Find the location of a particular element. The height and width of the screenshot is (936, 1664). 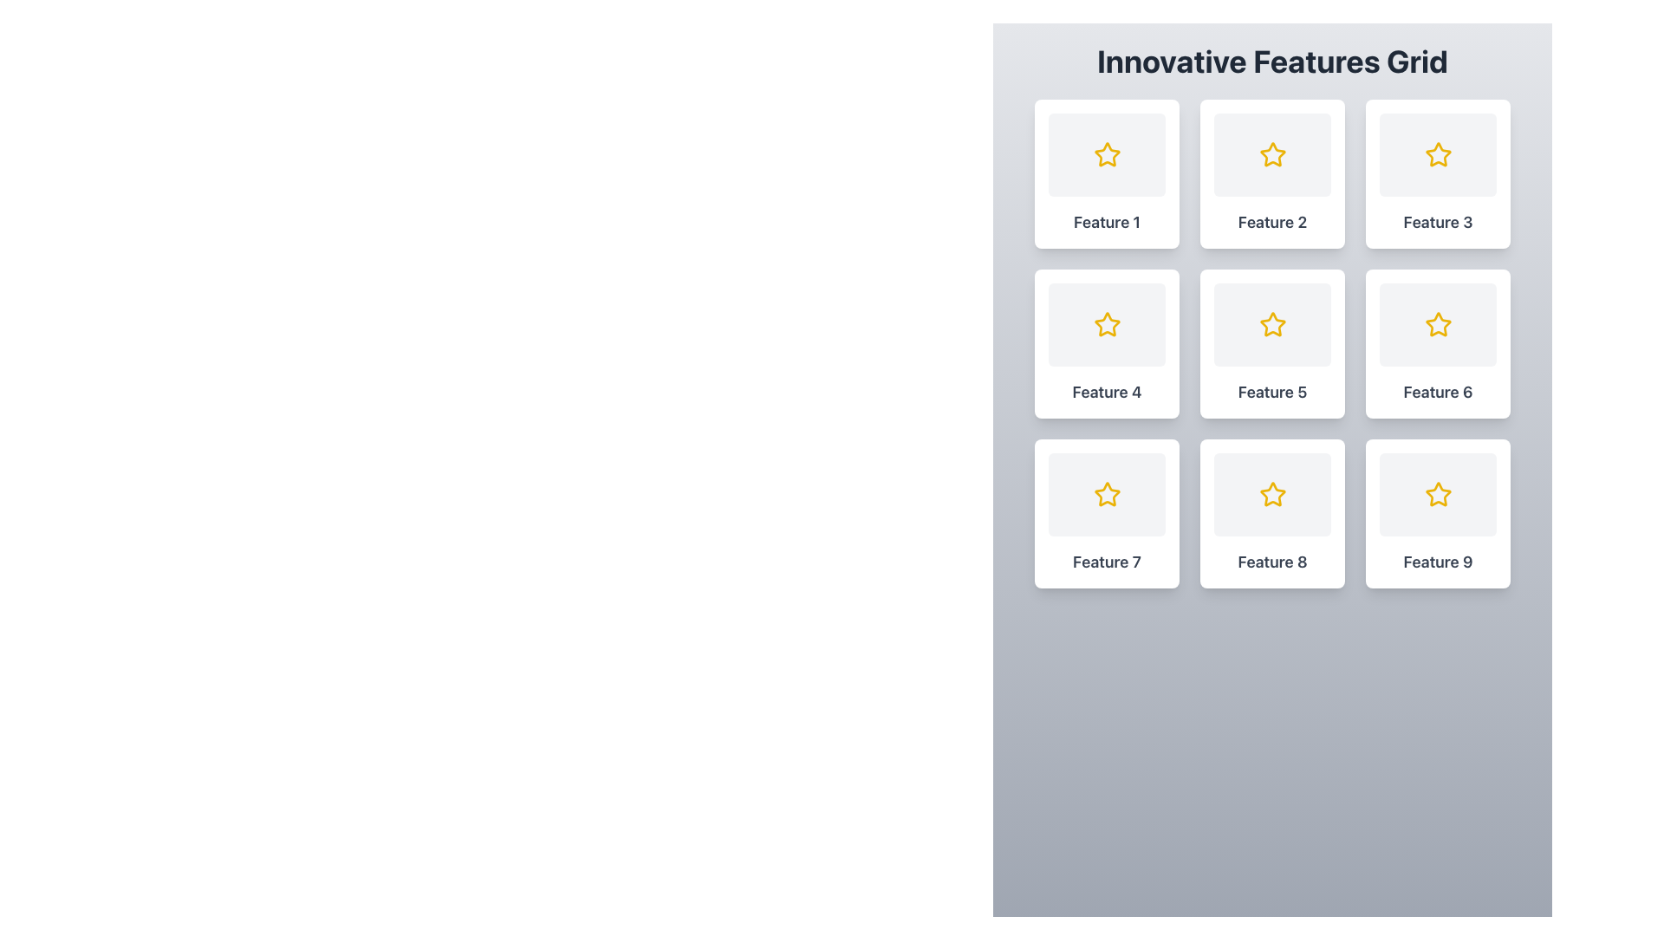

the yellow star icon located in the top row, third column of a 3x3 grid is located at coordinates (1438, 153).